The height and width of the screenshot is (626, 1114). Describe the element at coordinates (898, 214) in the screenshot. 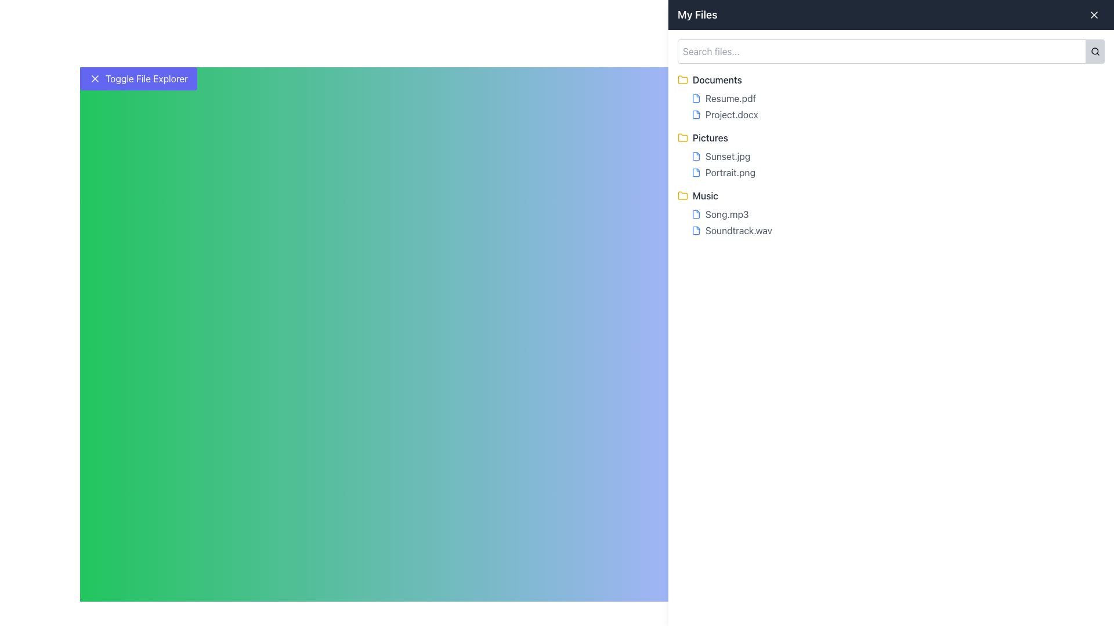

I see `the first file item` at that location.